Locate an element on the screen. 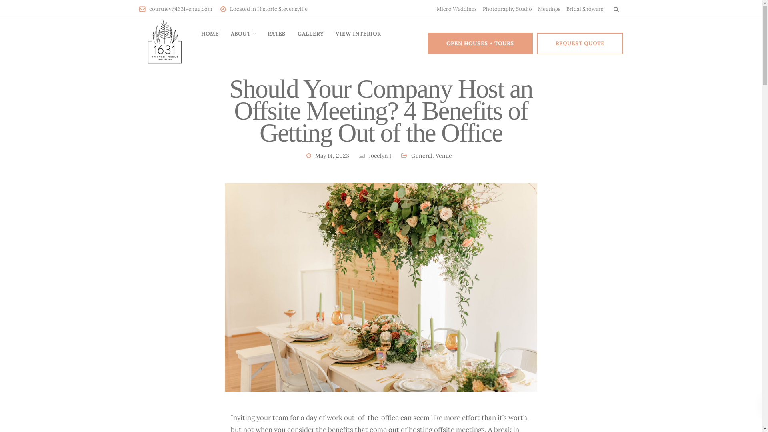  'Jocelyn J' is located at coordinates (380, 156).